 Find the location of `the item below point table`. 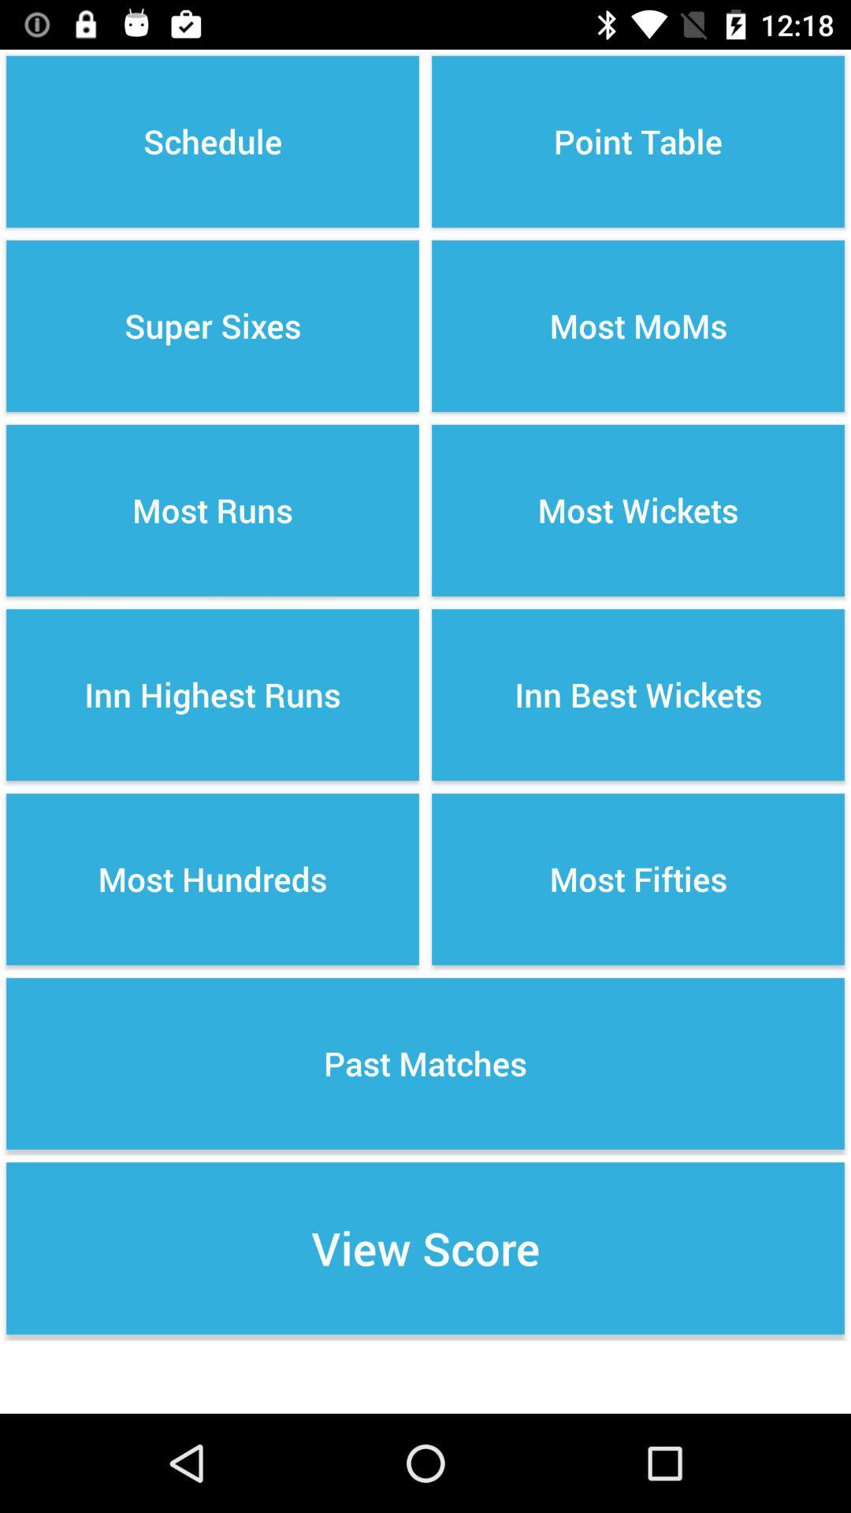

the item below point table is located at coordinates (638, 325).